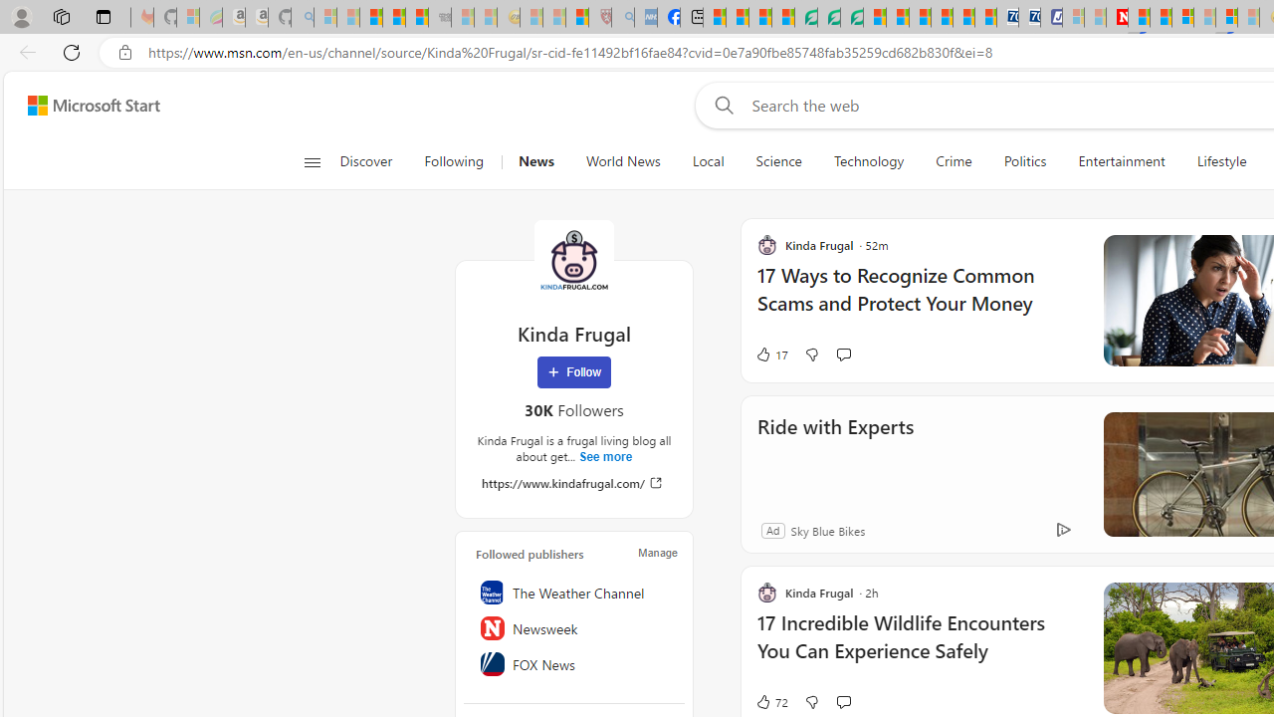  Describe the element at coordinates (604, 456) in the screenshot. I see `'See more'` at that location.